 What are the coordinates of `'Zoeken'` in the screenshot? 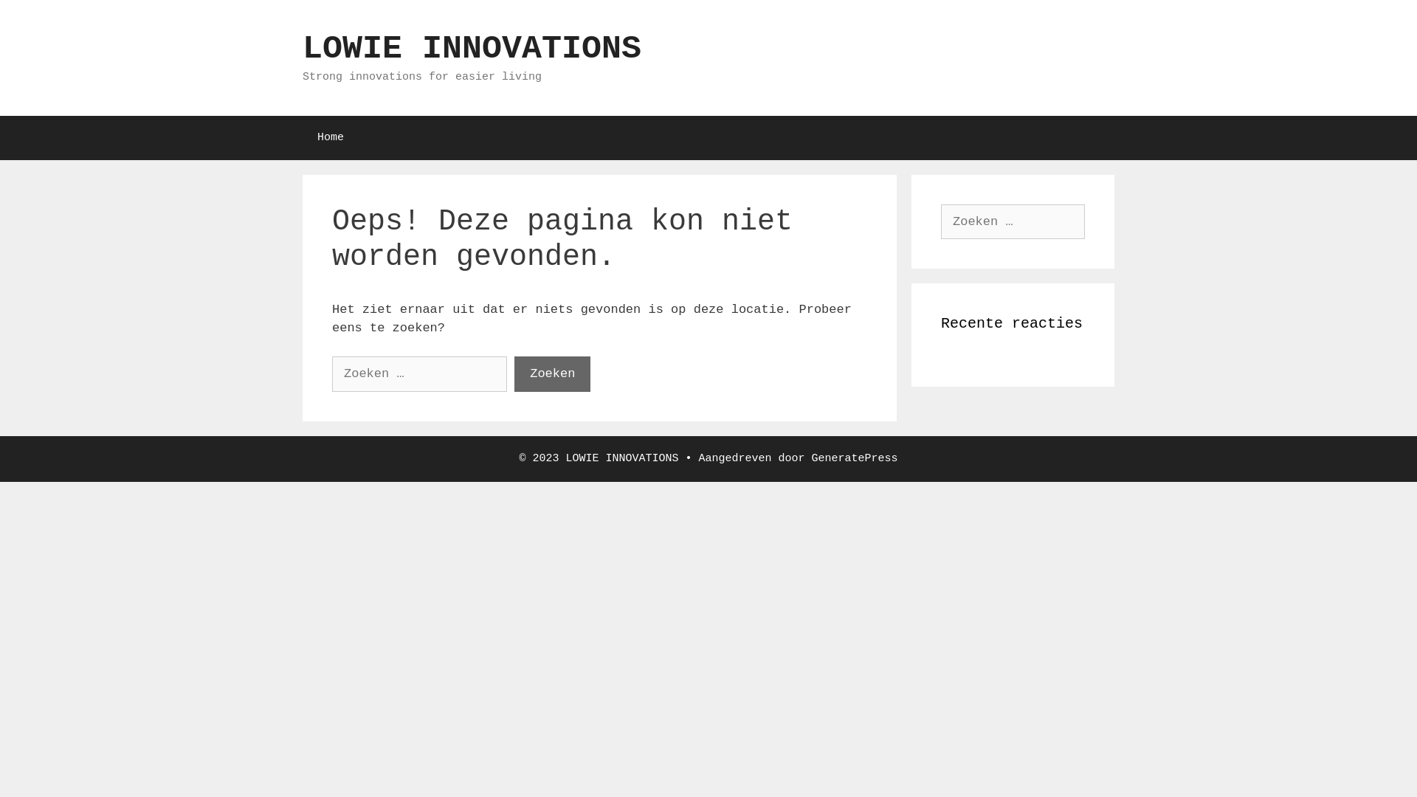 It's located at (551, 373).